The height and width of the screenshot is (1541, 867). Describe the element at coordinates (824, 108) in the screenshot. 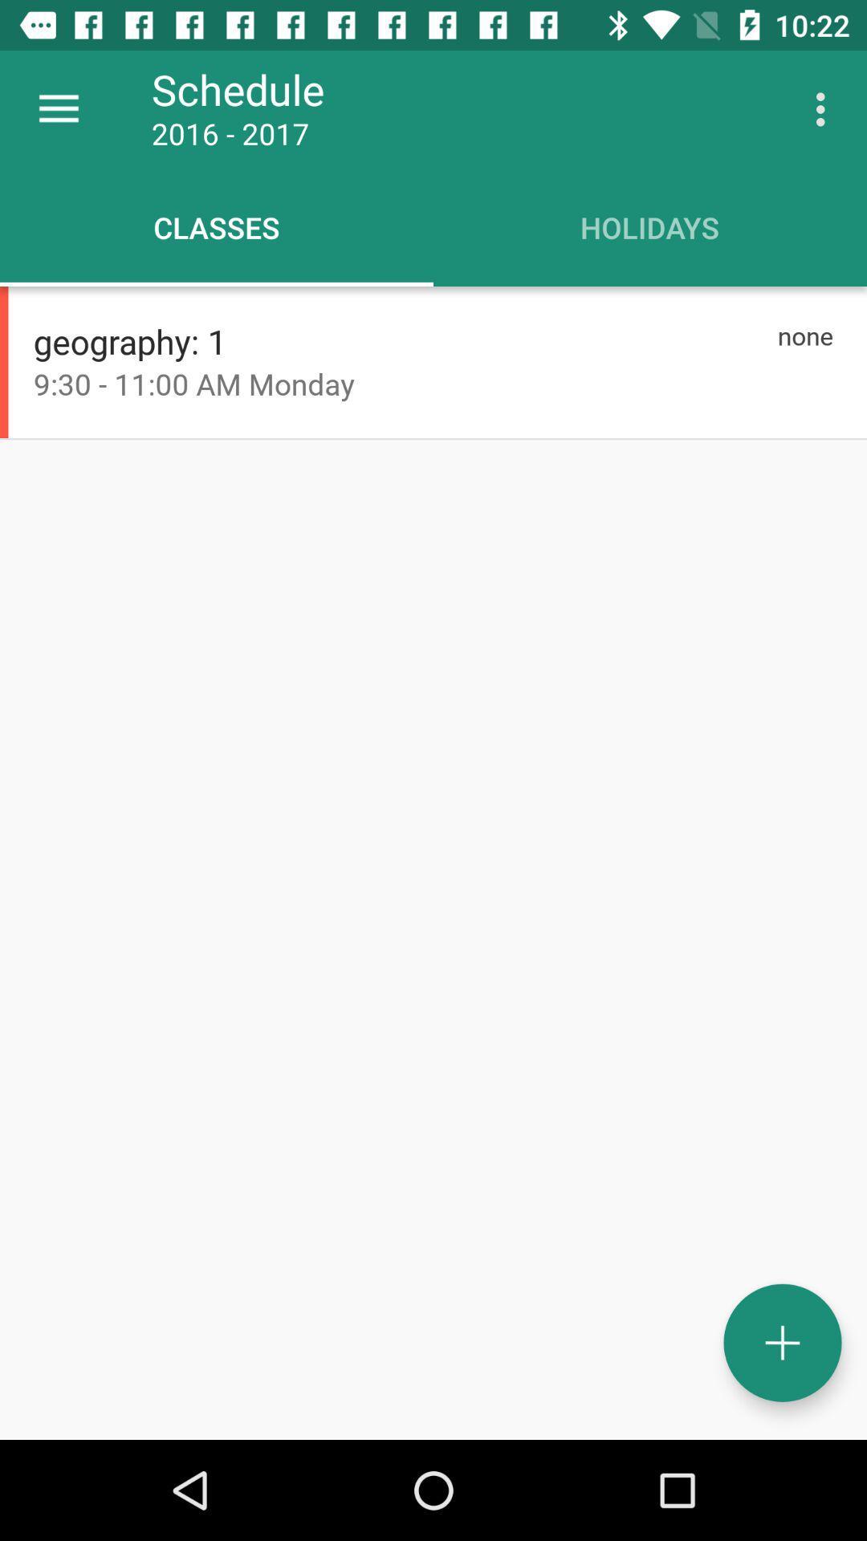

I see `icon next to the schedule icon` at that location.